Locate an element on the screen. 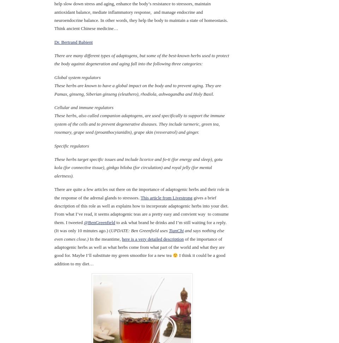 This screenshot has height=343, width=339. 'Specific regulators' is located at coordinates (72, 145).